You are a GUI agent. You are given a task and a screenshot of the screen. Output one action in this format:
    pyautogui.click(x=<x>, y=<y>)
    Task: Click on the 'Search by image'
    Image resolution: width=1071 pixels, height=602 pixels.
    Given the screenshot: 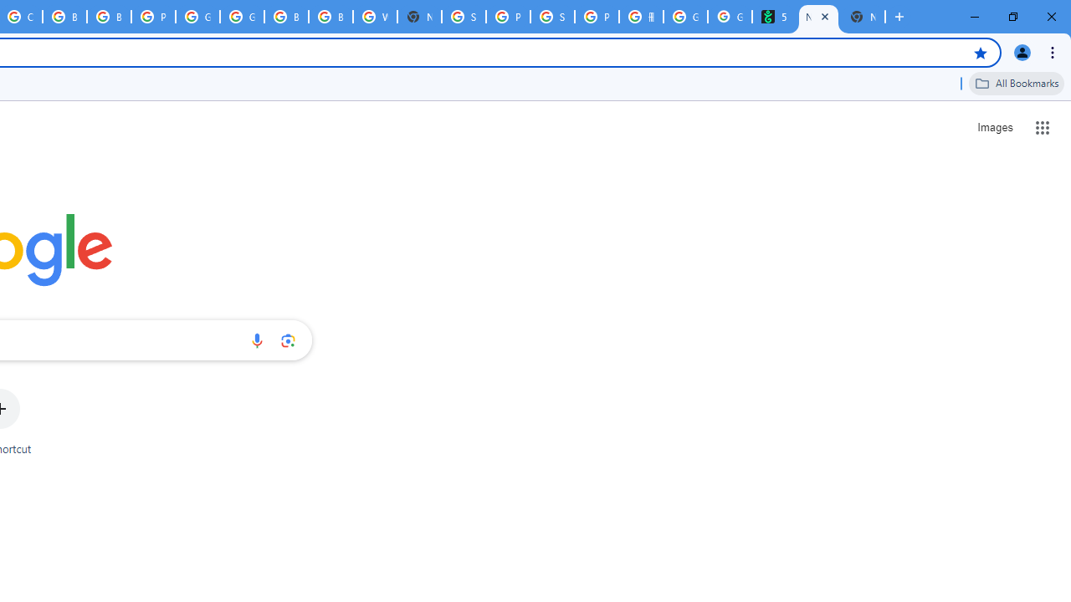 What is the action you would take?
    pyautogui.click(x=288, y=339)
    